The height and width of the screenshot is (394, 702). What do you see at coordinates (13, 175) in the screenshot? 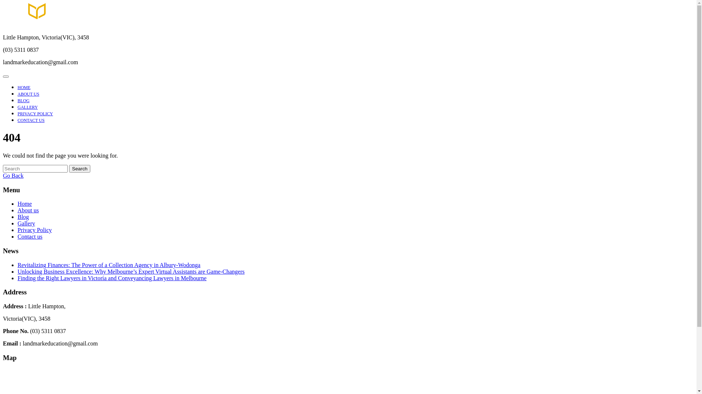
I see `'Go Back` at bounding box center [13, 175].